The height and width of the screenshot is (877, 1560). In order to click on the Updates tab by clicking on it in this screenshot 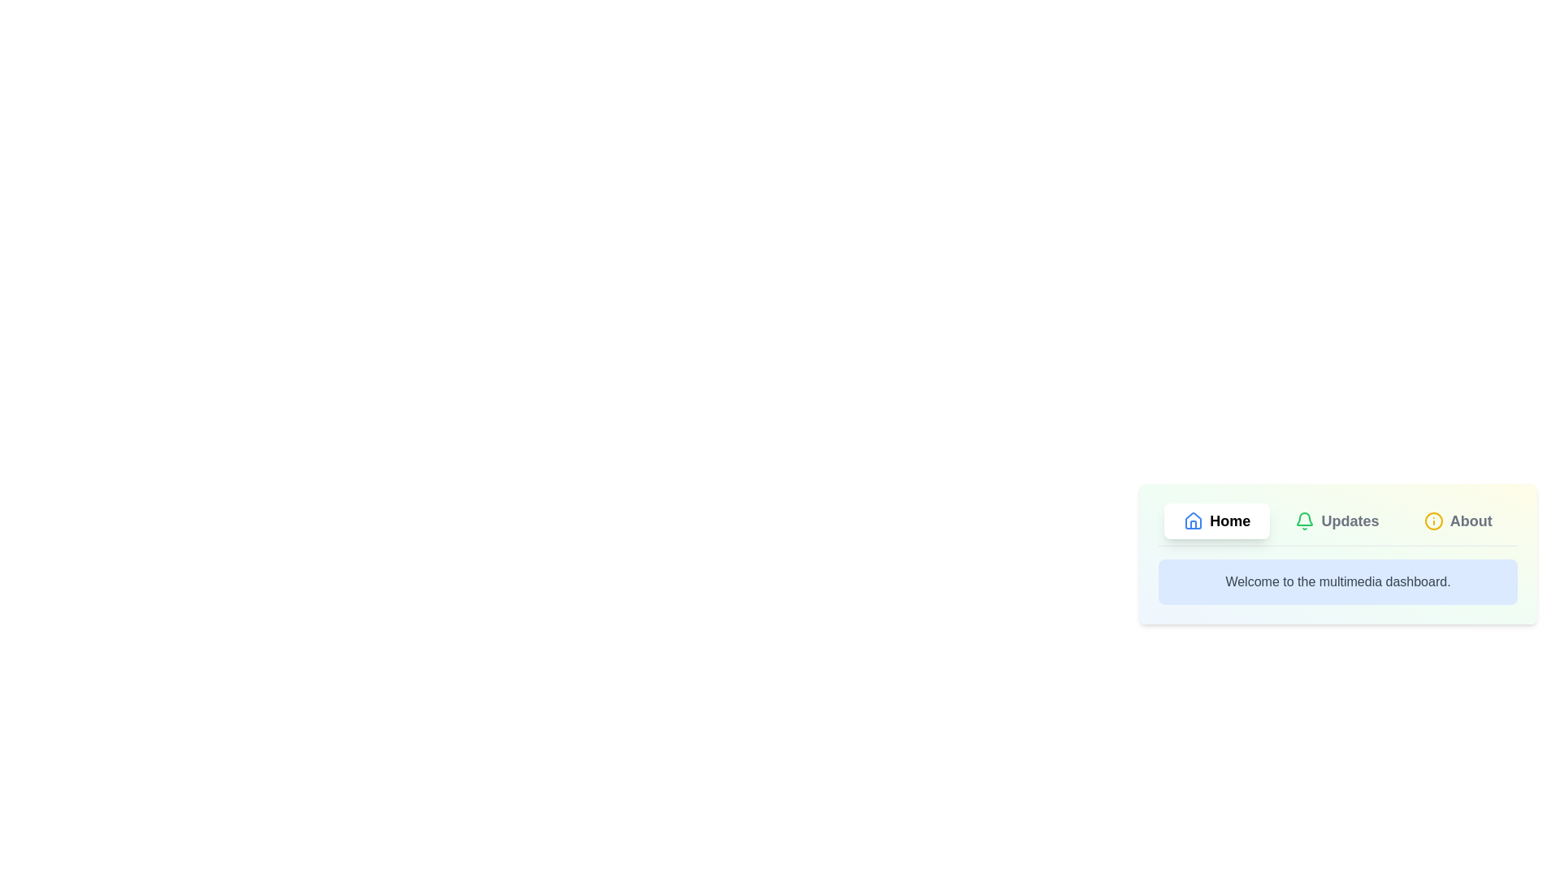, I will do `click(1337, 521)`.